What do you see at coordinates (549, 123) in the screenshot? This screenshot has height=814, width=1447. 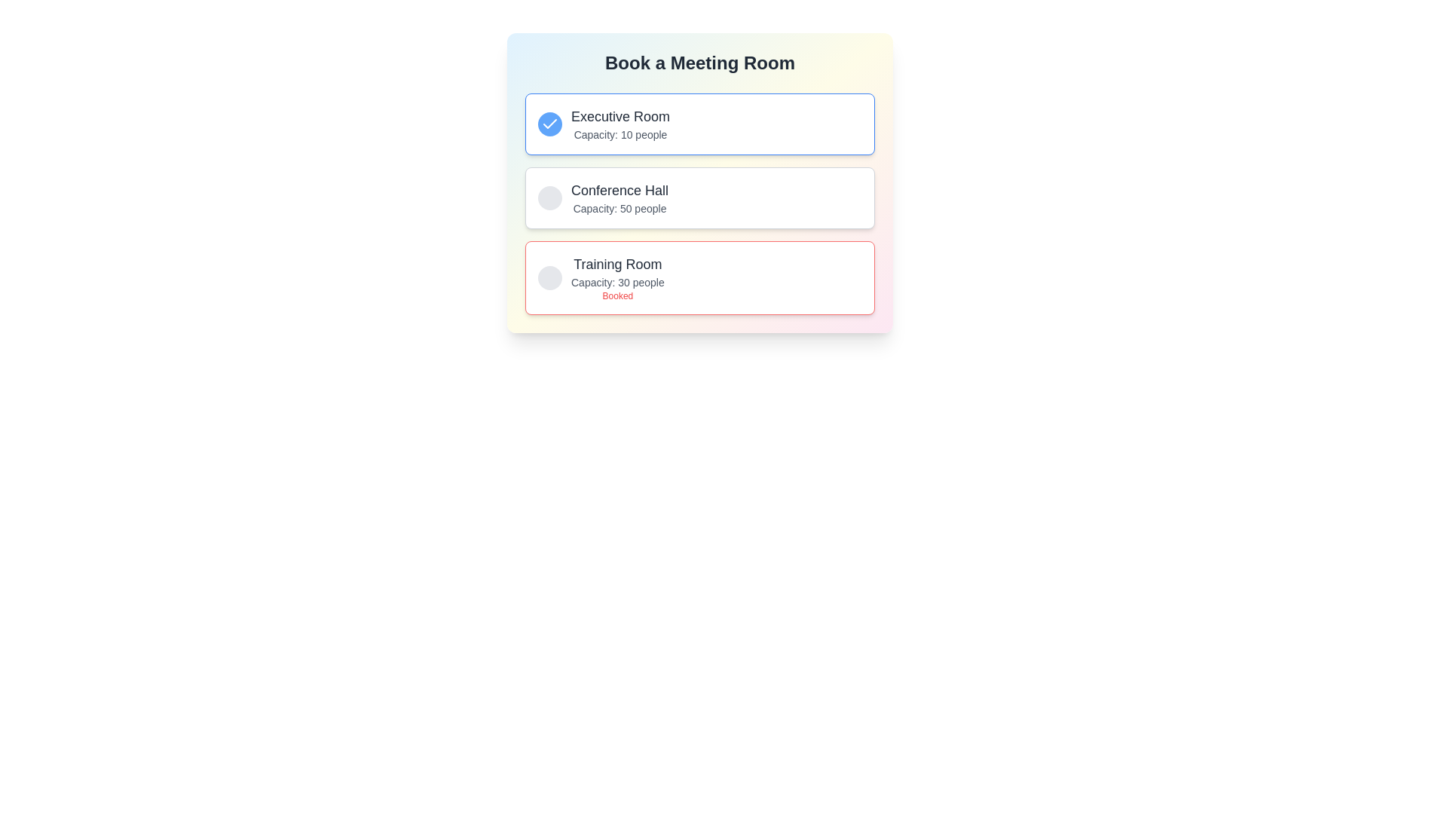 I see `the Checkmark Icon located inside the 'Executive Room' box, which indicates that the room is selected or available` at bounding box center [549, 123].